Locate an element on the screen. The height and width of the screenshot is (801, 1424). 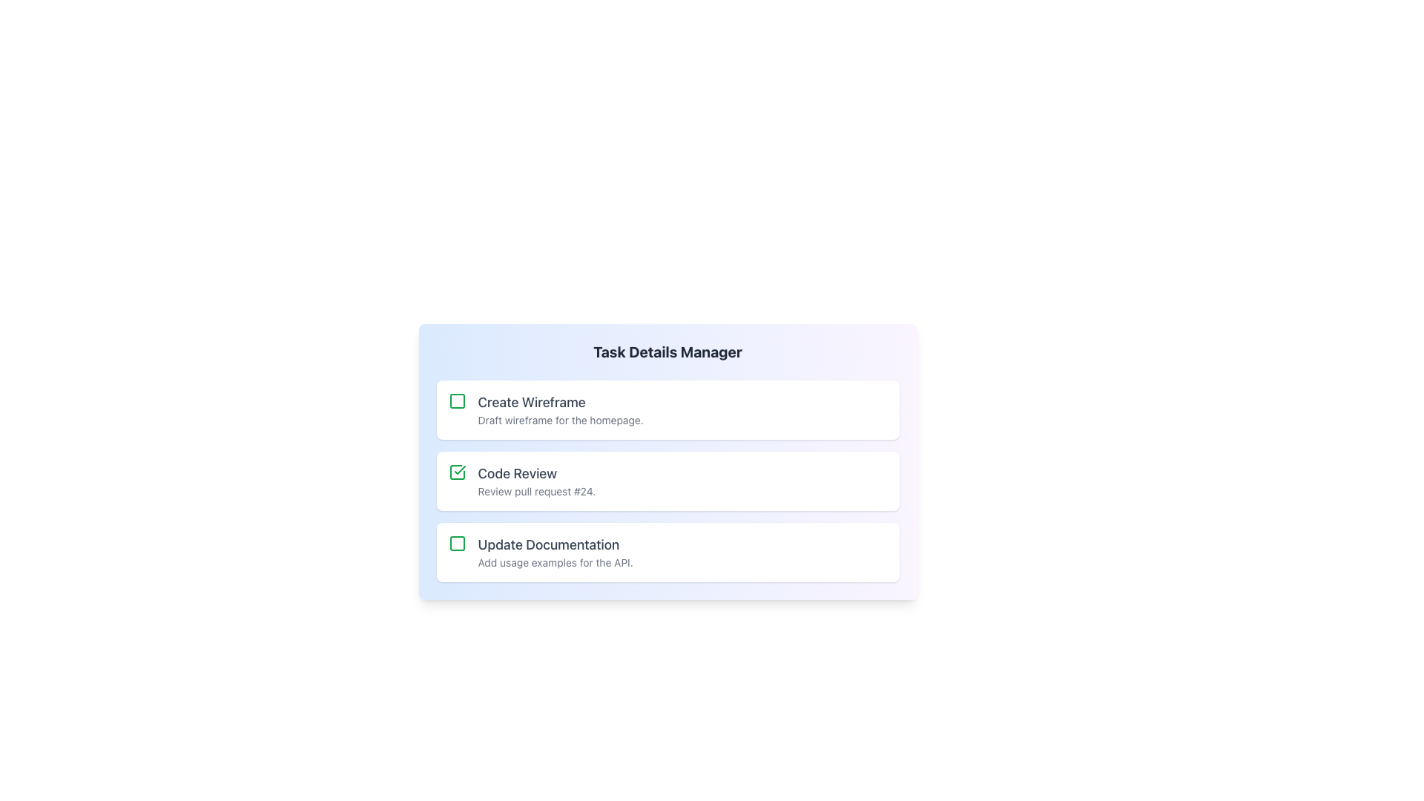
title and description of the task card, which is the third card in a vertical stack, positioned below the 'Code Review' card and above additional content is located at coordinates (667, 552).